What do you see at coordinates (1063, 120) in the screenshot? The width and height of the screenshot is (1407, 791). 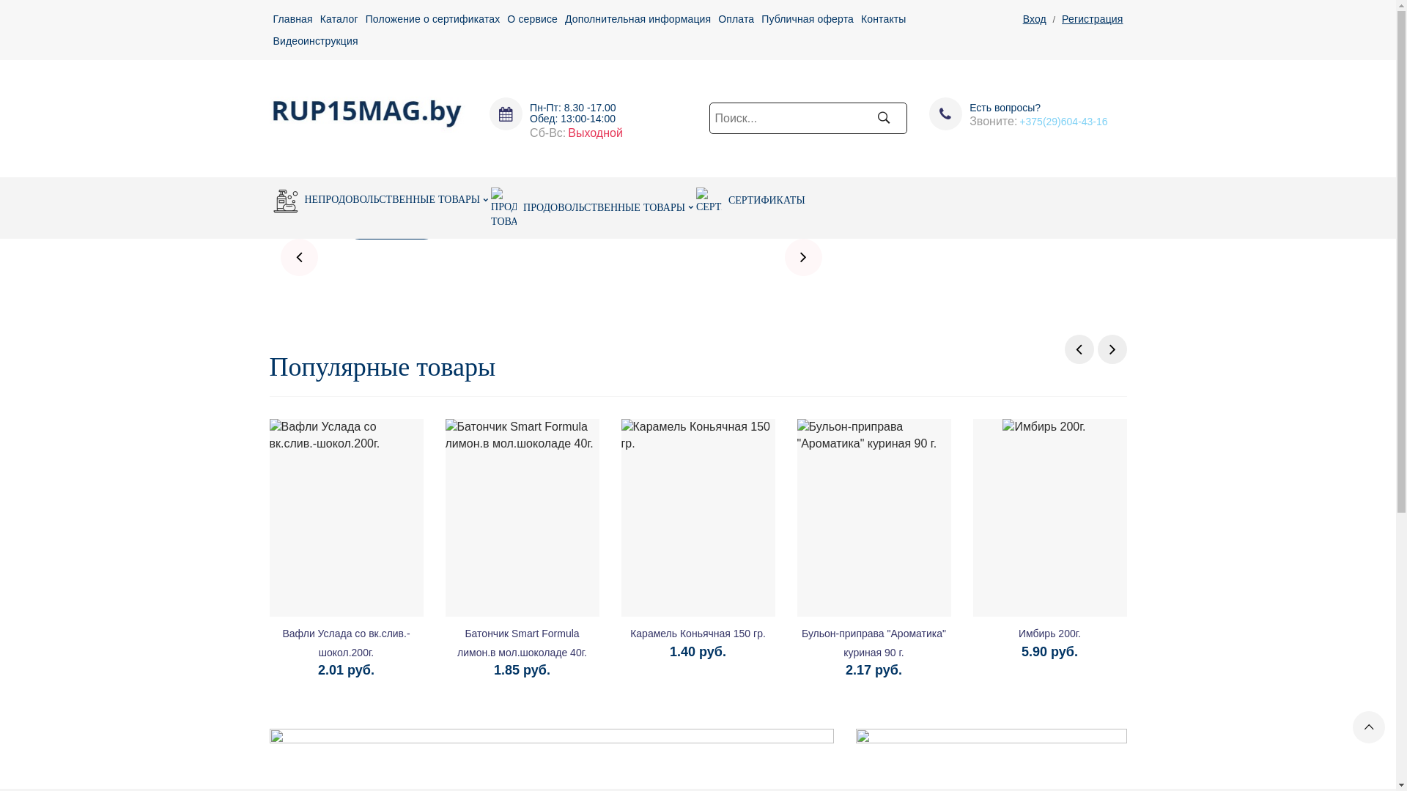 I see `'+375(29)604-43-16'` at bounding box center [1063, 120].